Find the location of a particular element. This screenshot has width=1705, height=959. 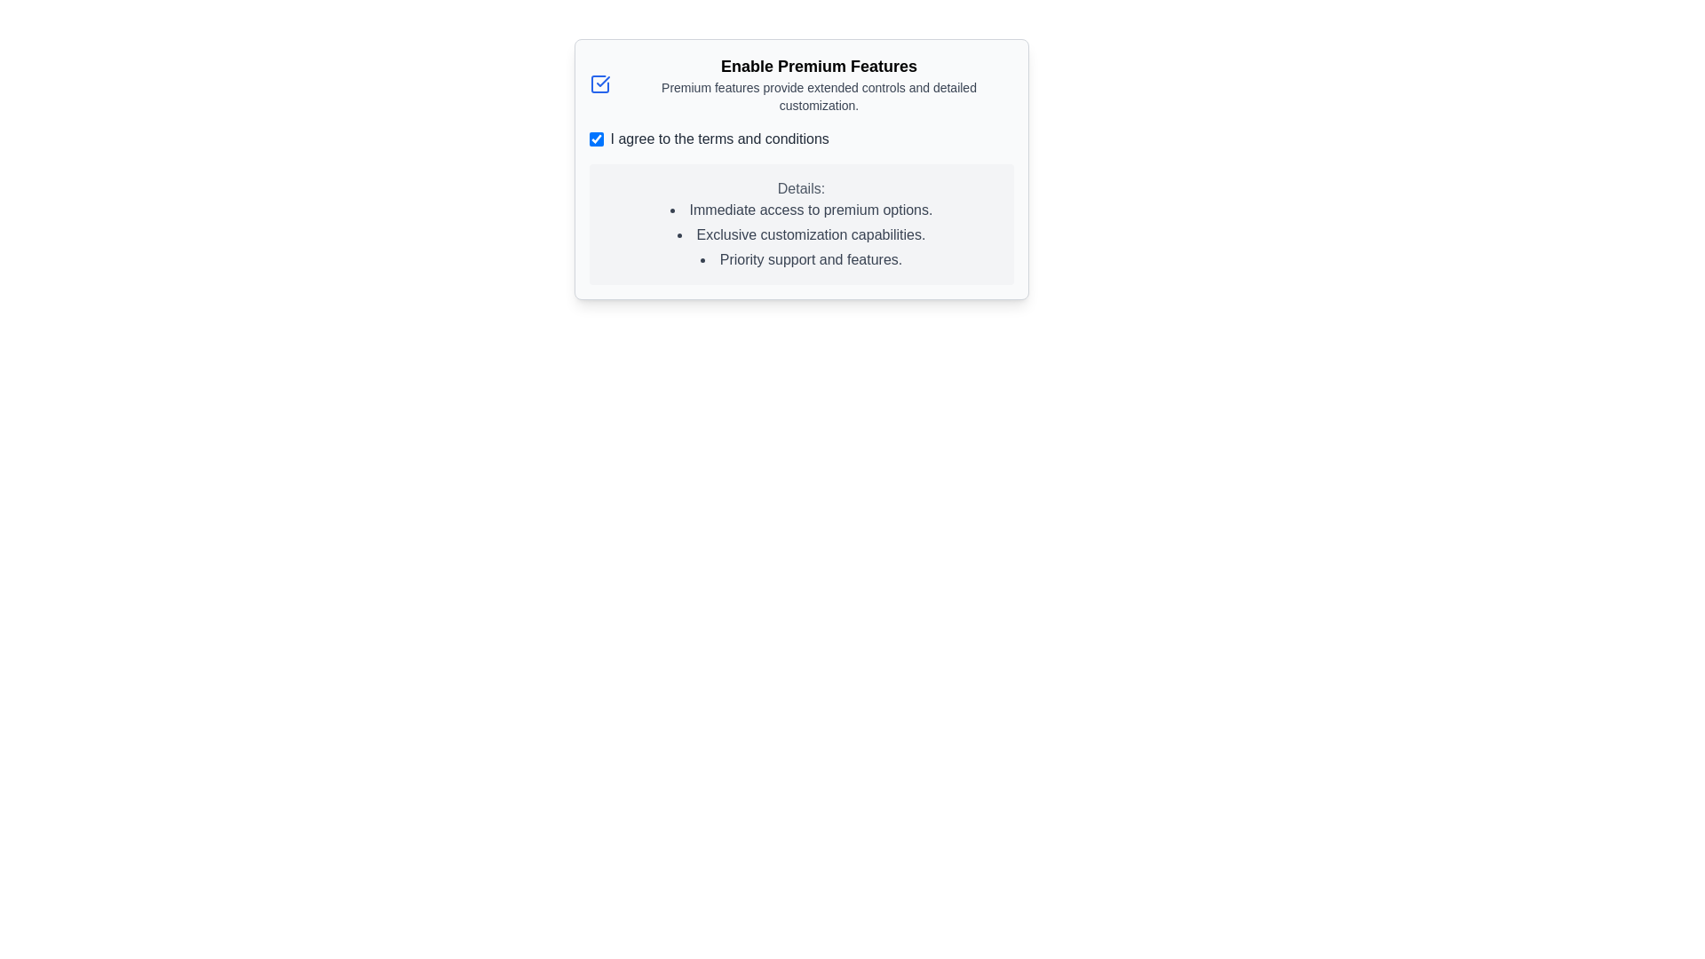

the text label displaying 'Priority support and features.' which is the third item in a vertical bullet list under the section titled 'Details' within the 'Enable Premium Features' box is located at coordinates (800, 260).